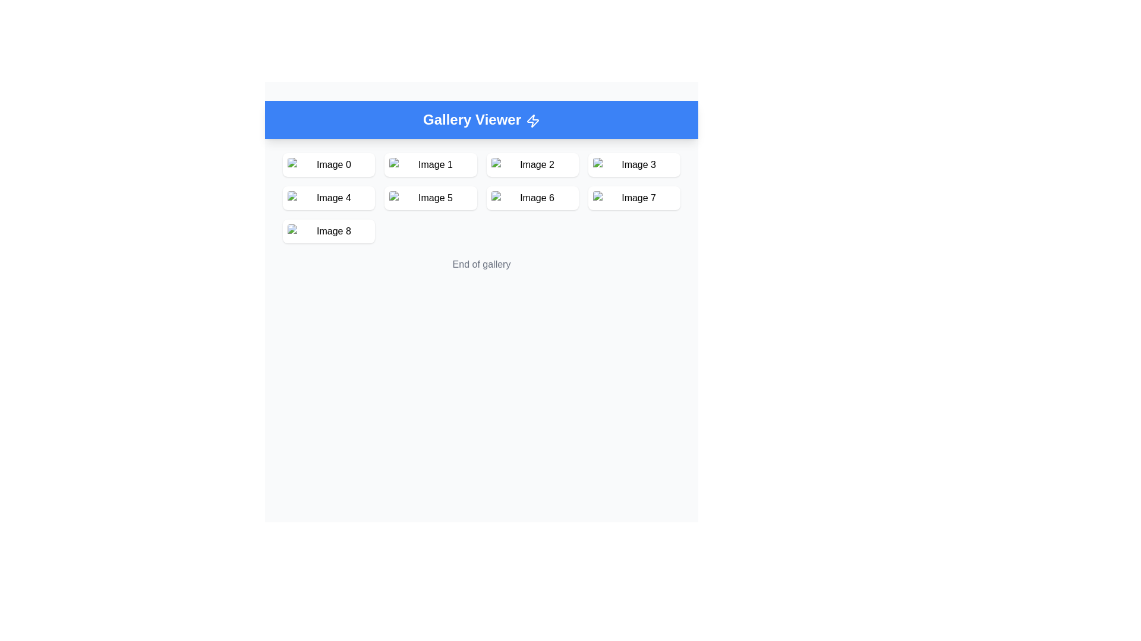 The width and height of the screenshot is (1141, 641). Describe the element at coordinates (481, 264) in the screenshot. I see `the text label displaying 'End of gallery' which is located below the gallery grid of images in muted gray color` at that location.